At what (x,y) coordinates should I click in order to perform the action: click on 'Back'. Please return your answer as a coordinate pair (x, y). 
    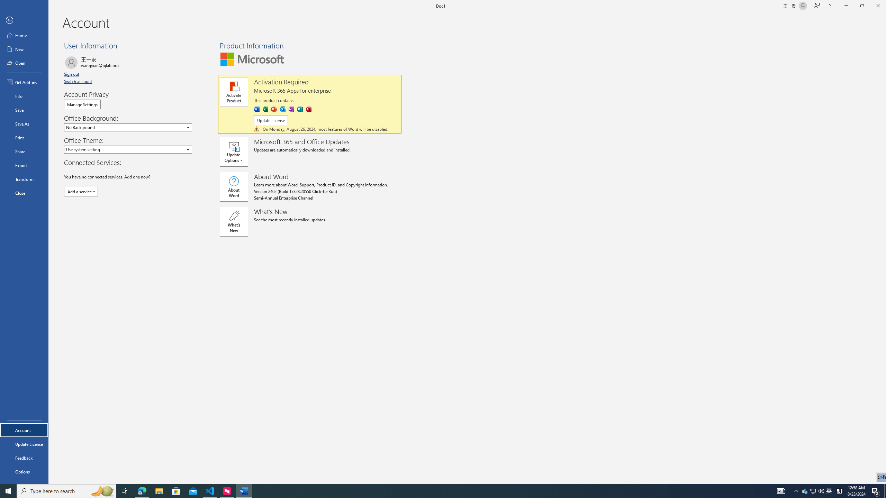
    Looking at the image, I should click on (24, 20).